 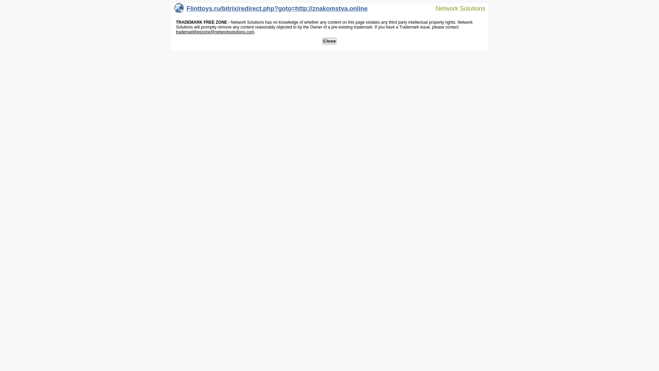 I want to click on 'Network Solutions', so click(x=456, y=8).